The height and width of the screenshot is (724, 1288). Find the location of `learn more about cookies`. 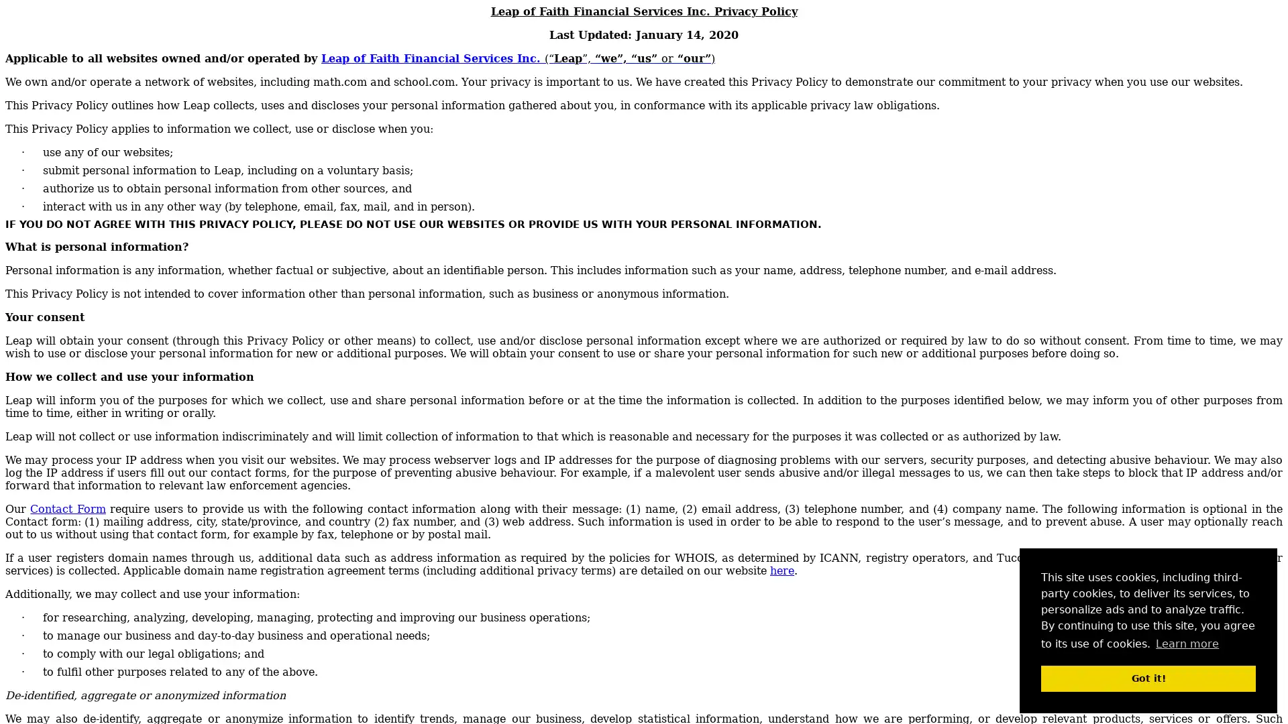

learn more about cookies is located at coordinates (1187, 643).